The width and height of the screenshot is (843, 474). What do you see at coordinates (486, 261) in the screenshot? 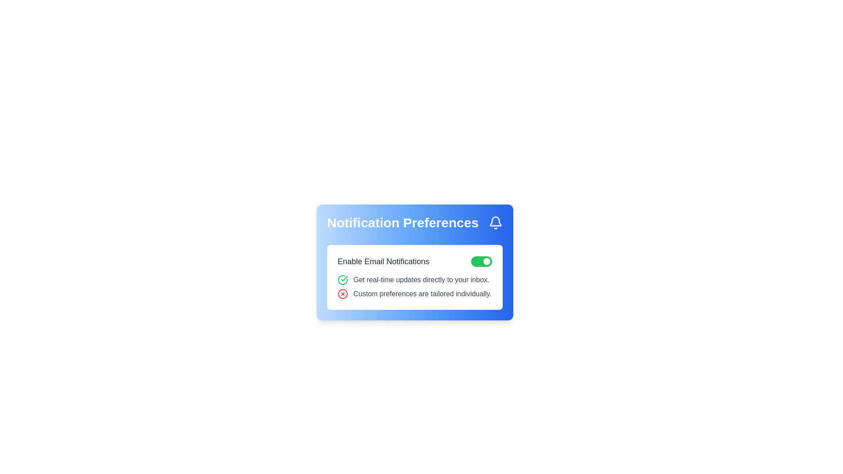
I see `the small, white, circular toggle handle located on the rightmost side of the green toggle background in the 'Enable Email Notifications' section` at bounding box center [486, 261].